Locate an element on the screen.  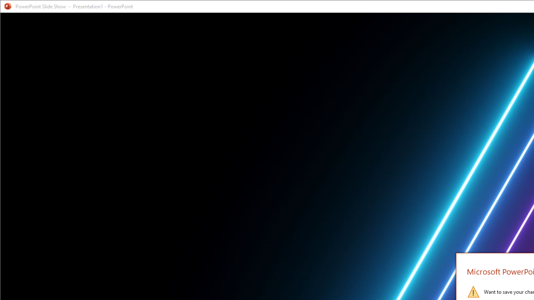
'Warning Icon' is located at coordinates (473, 291).